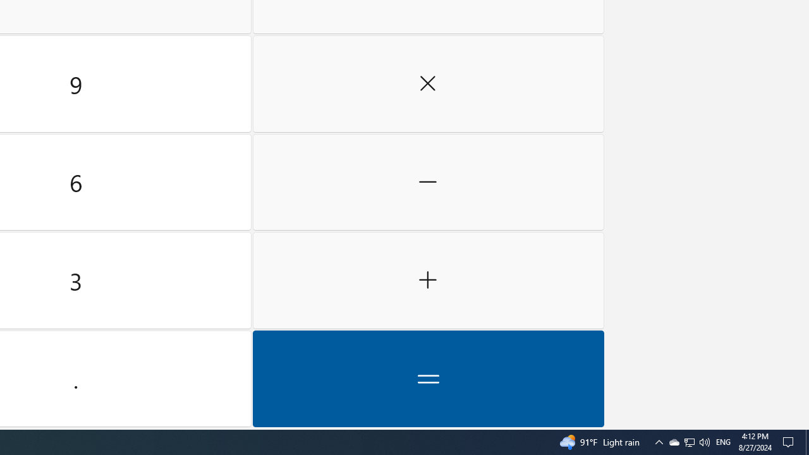 The width and height of the screenshot is (809, 455). I want to click on 'Plus', so click(428, 280).